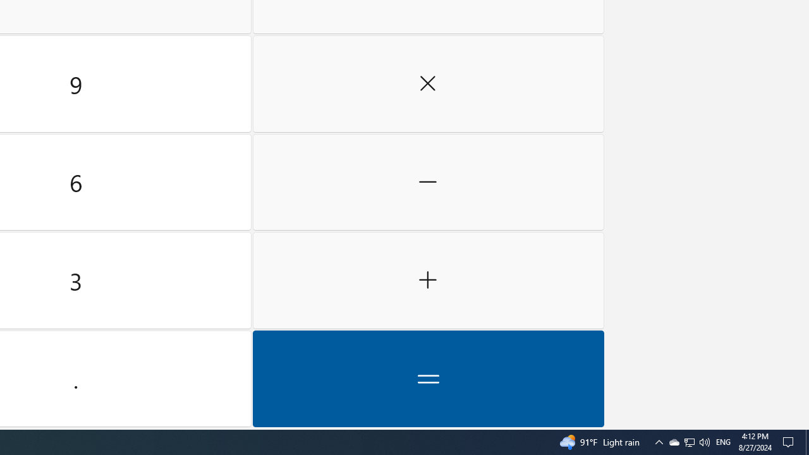 The width and height of the screenshot is (809, 455). I want to click on 'Plus', so click(428, 280).